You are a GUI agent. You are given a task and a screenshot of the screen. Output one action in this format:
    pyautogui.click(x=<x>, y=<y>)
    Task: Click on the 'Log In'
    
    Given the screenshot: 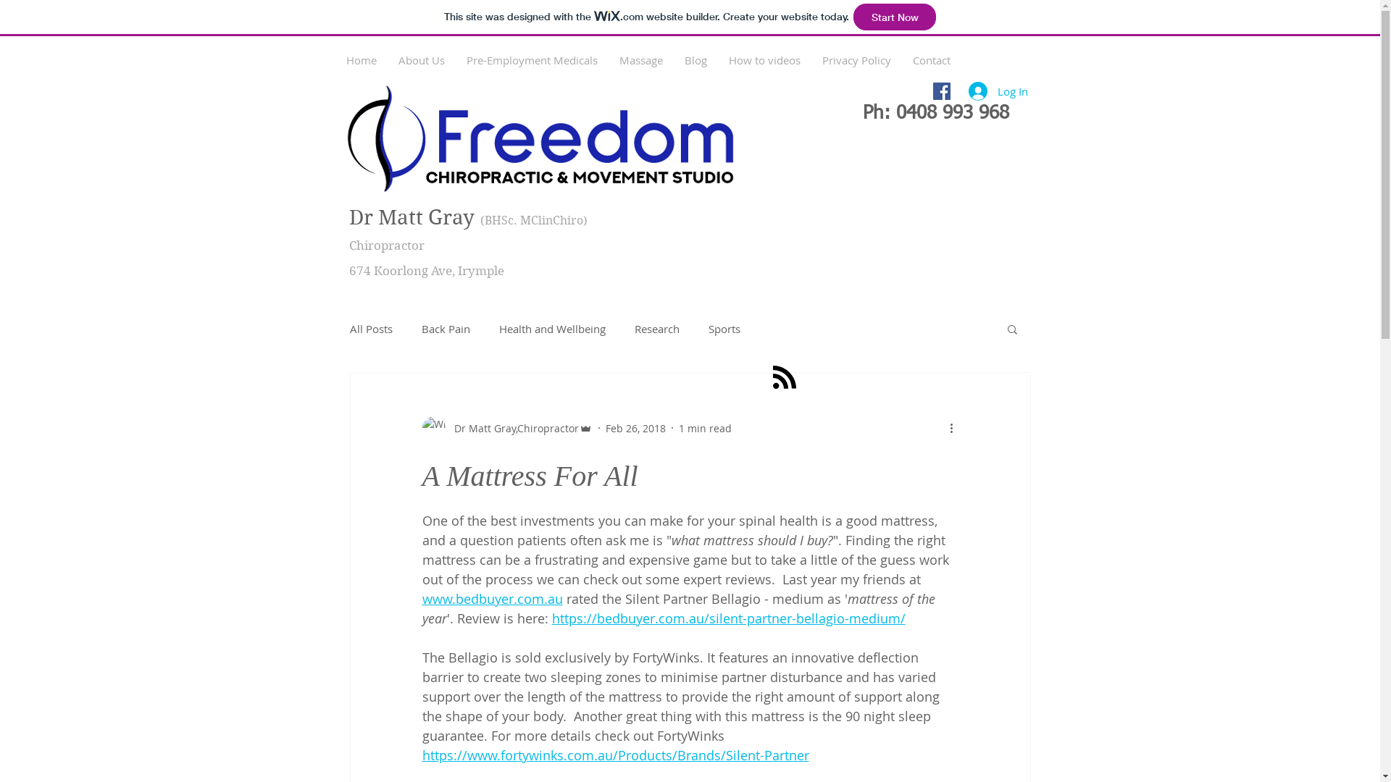 What is the action you would take?
    pyautogui.click(x=997, y=91)
    